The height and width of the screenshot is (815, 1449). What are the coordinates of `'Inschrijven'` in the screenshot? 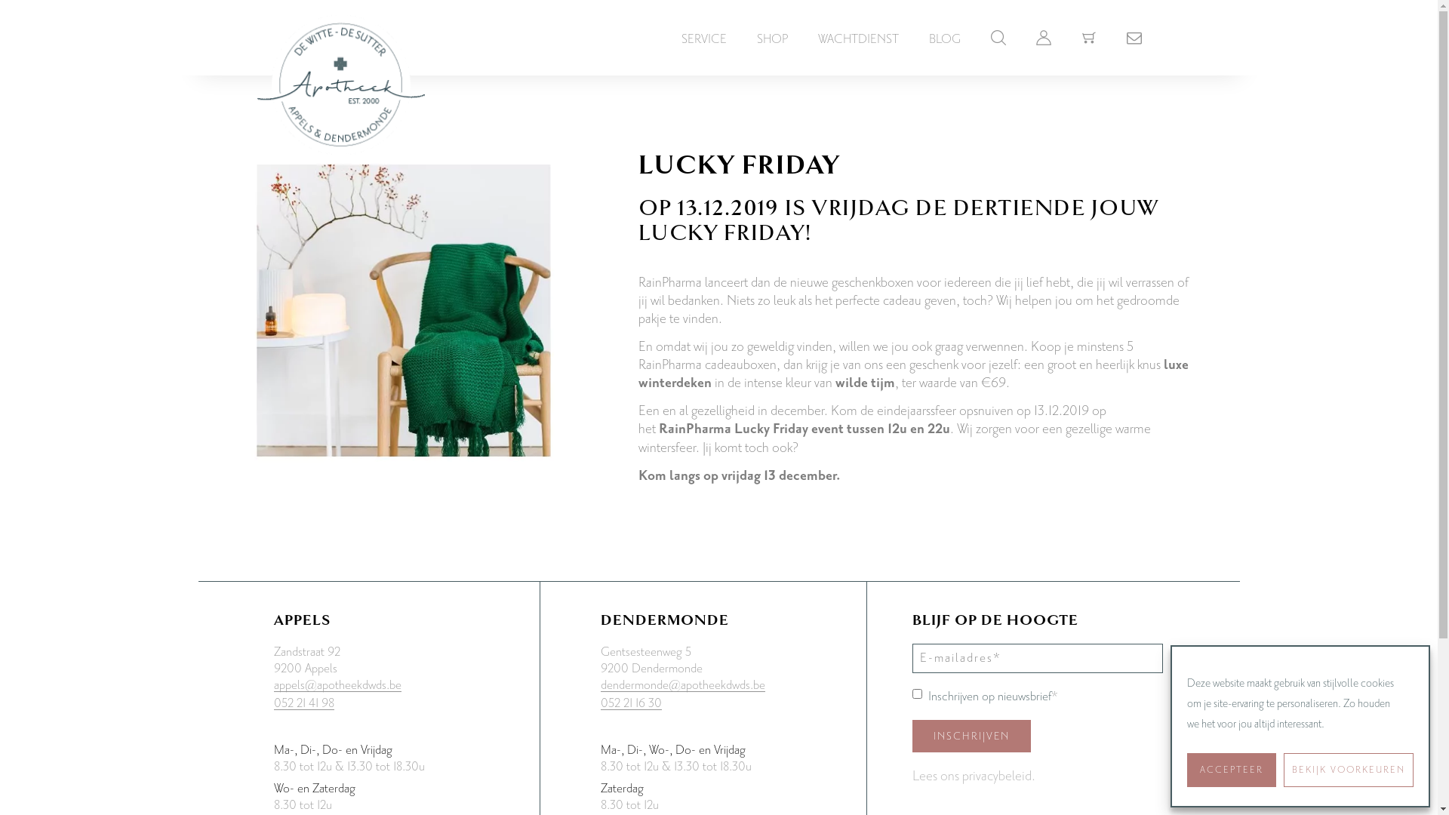 It's located at (971, 735).